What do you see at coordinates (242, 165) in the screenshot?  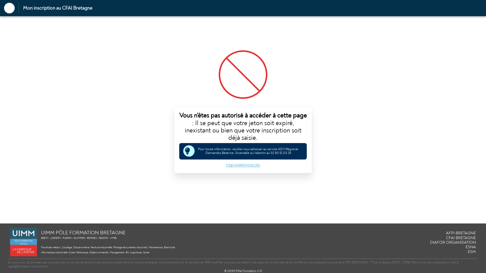 I see `'IT2I@CFAIBRETAGNE.ORG'` at bounding box center [242, 165].